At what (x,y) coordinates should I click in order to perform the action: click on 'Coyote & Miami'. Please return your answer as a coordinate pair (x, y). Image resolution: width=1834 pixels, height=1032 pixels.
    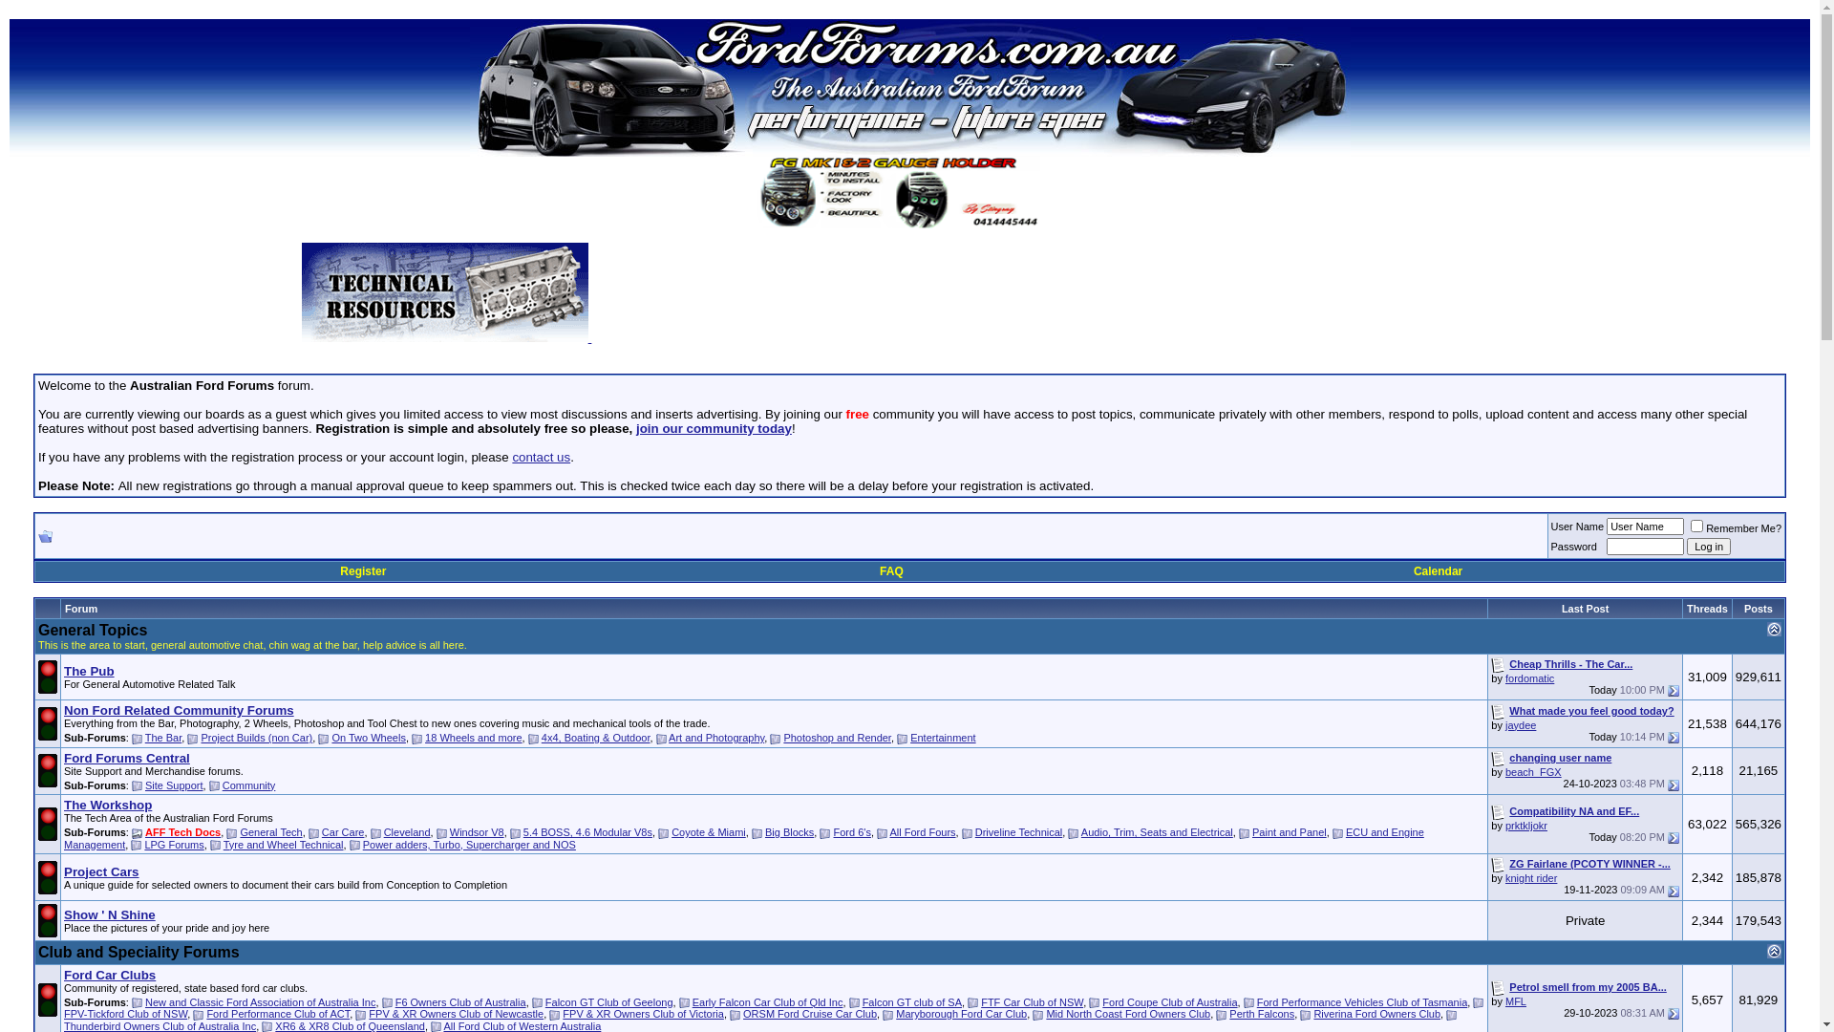
    Looking at the image, I should click on (708, 831).